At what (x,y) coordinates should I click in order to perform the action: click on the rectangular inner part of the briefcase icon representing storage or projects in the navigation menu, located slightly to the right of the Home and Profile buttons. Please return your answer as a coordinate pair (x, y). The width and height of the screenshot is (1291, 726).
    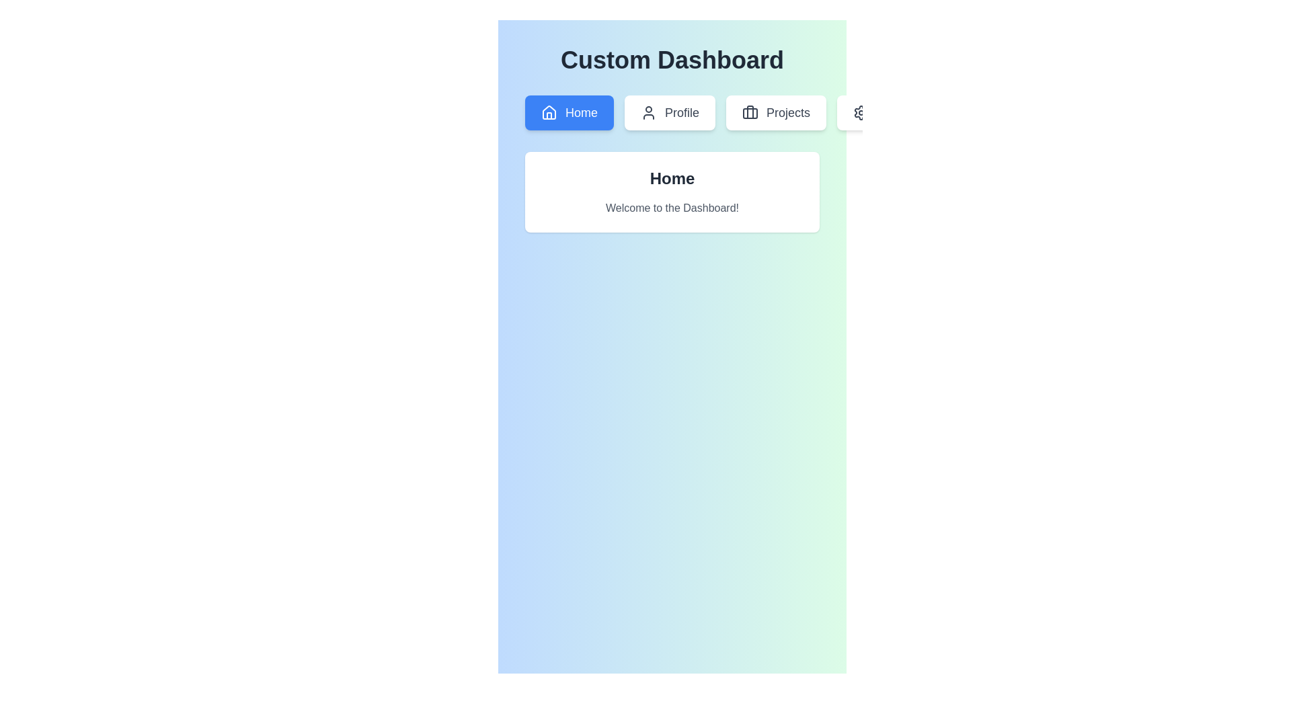
    Looking at the image, I should click on (750, 113).